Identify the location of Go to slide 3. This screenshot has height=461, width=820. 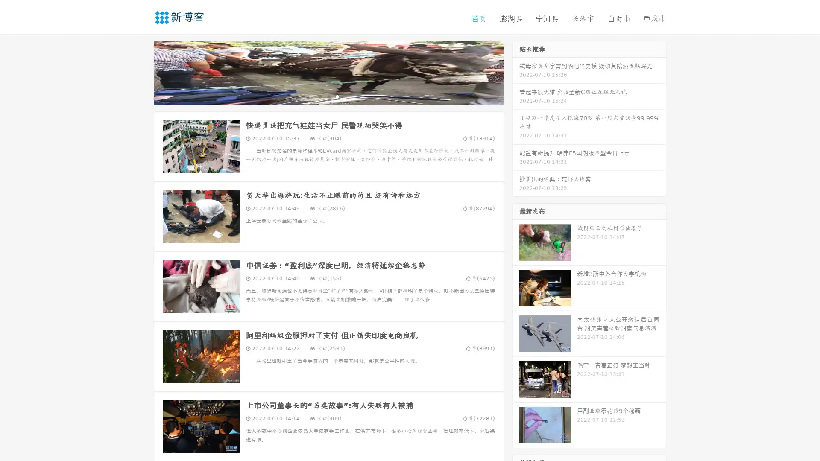
(337, 96).